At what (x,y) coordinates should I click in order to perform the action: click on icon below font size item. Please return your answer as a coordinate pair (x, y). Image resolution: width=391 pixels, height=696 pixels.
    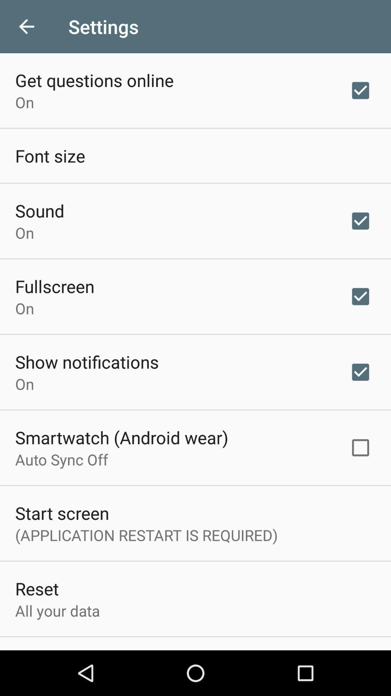
    Looking at the image, I should click on (39, 210).